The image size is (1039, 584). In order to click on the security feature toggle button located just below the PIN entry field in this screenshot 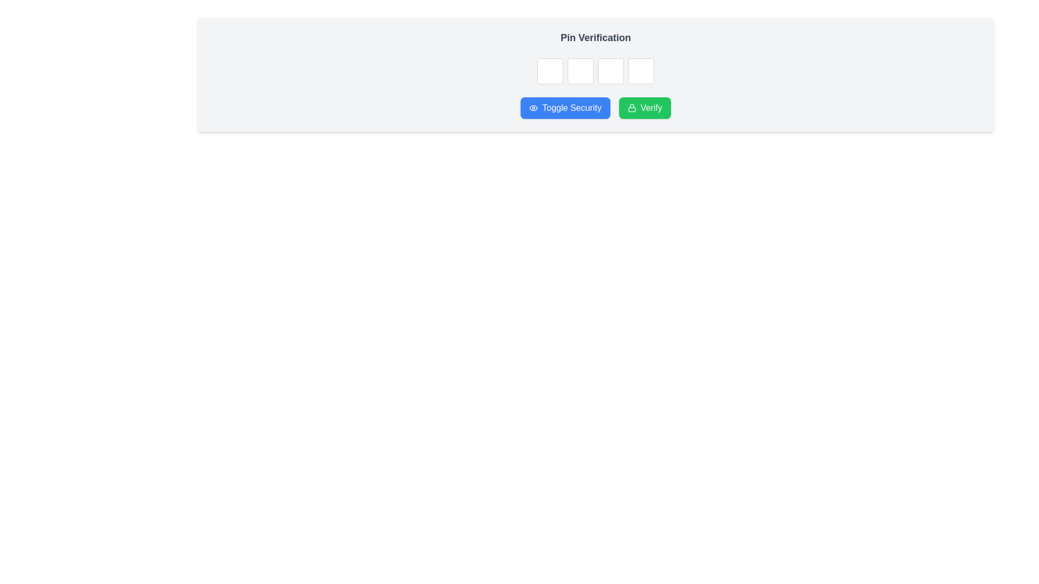, I will do `click(565, 108)`.